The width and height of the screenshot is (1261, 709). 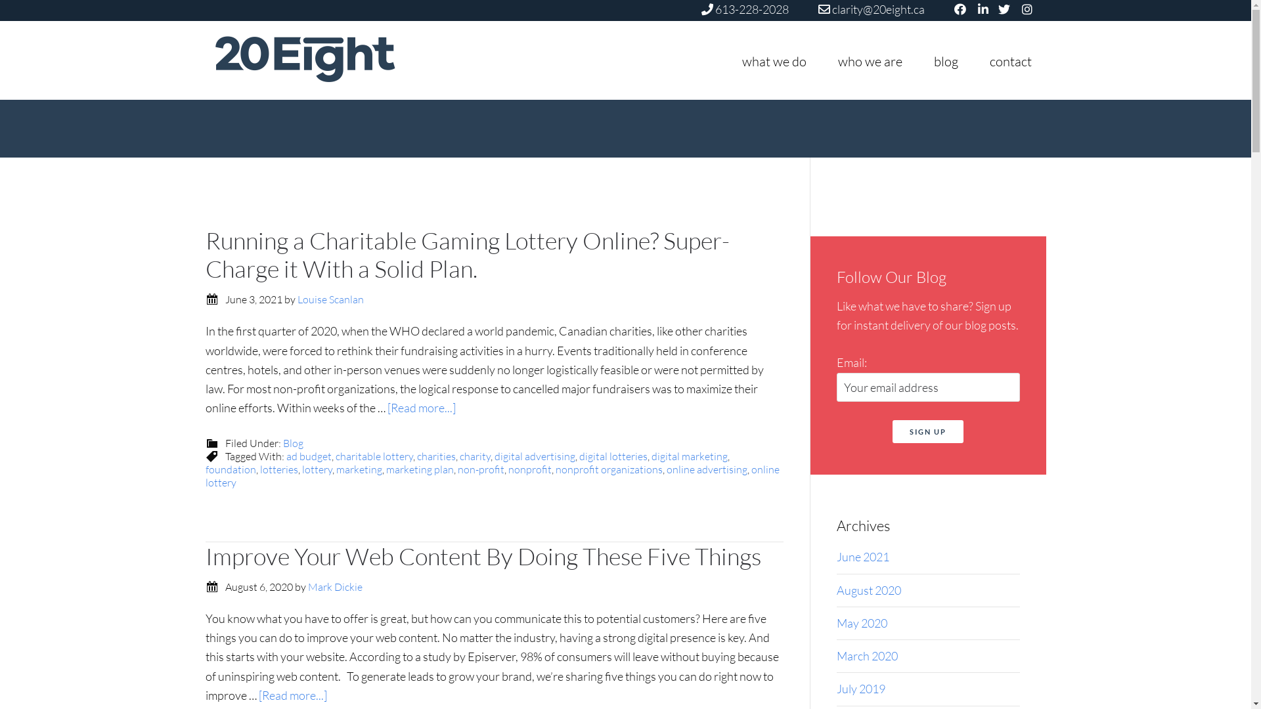 What do you see at coordinates (419, 468) in the screenshot?
I see `'marketing plan'` at bounding box center [419, 468].